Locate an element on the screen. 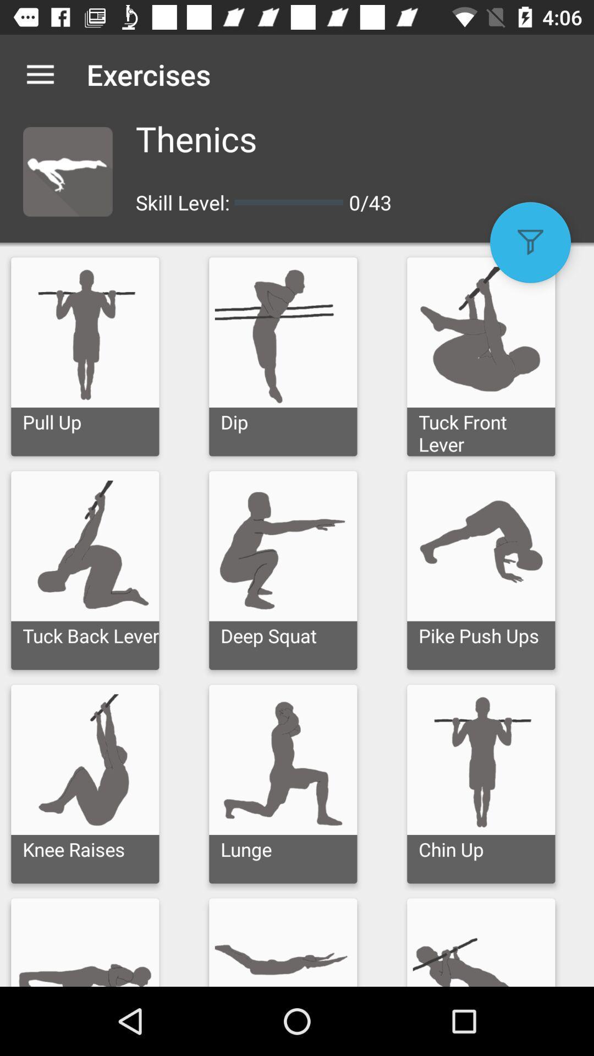 This screenshot has width=594, height=1056. the item to the left of exercises icon is located at coordinates (40, 74).